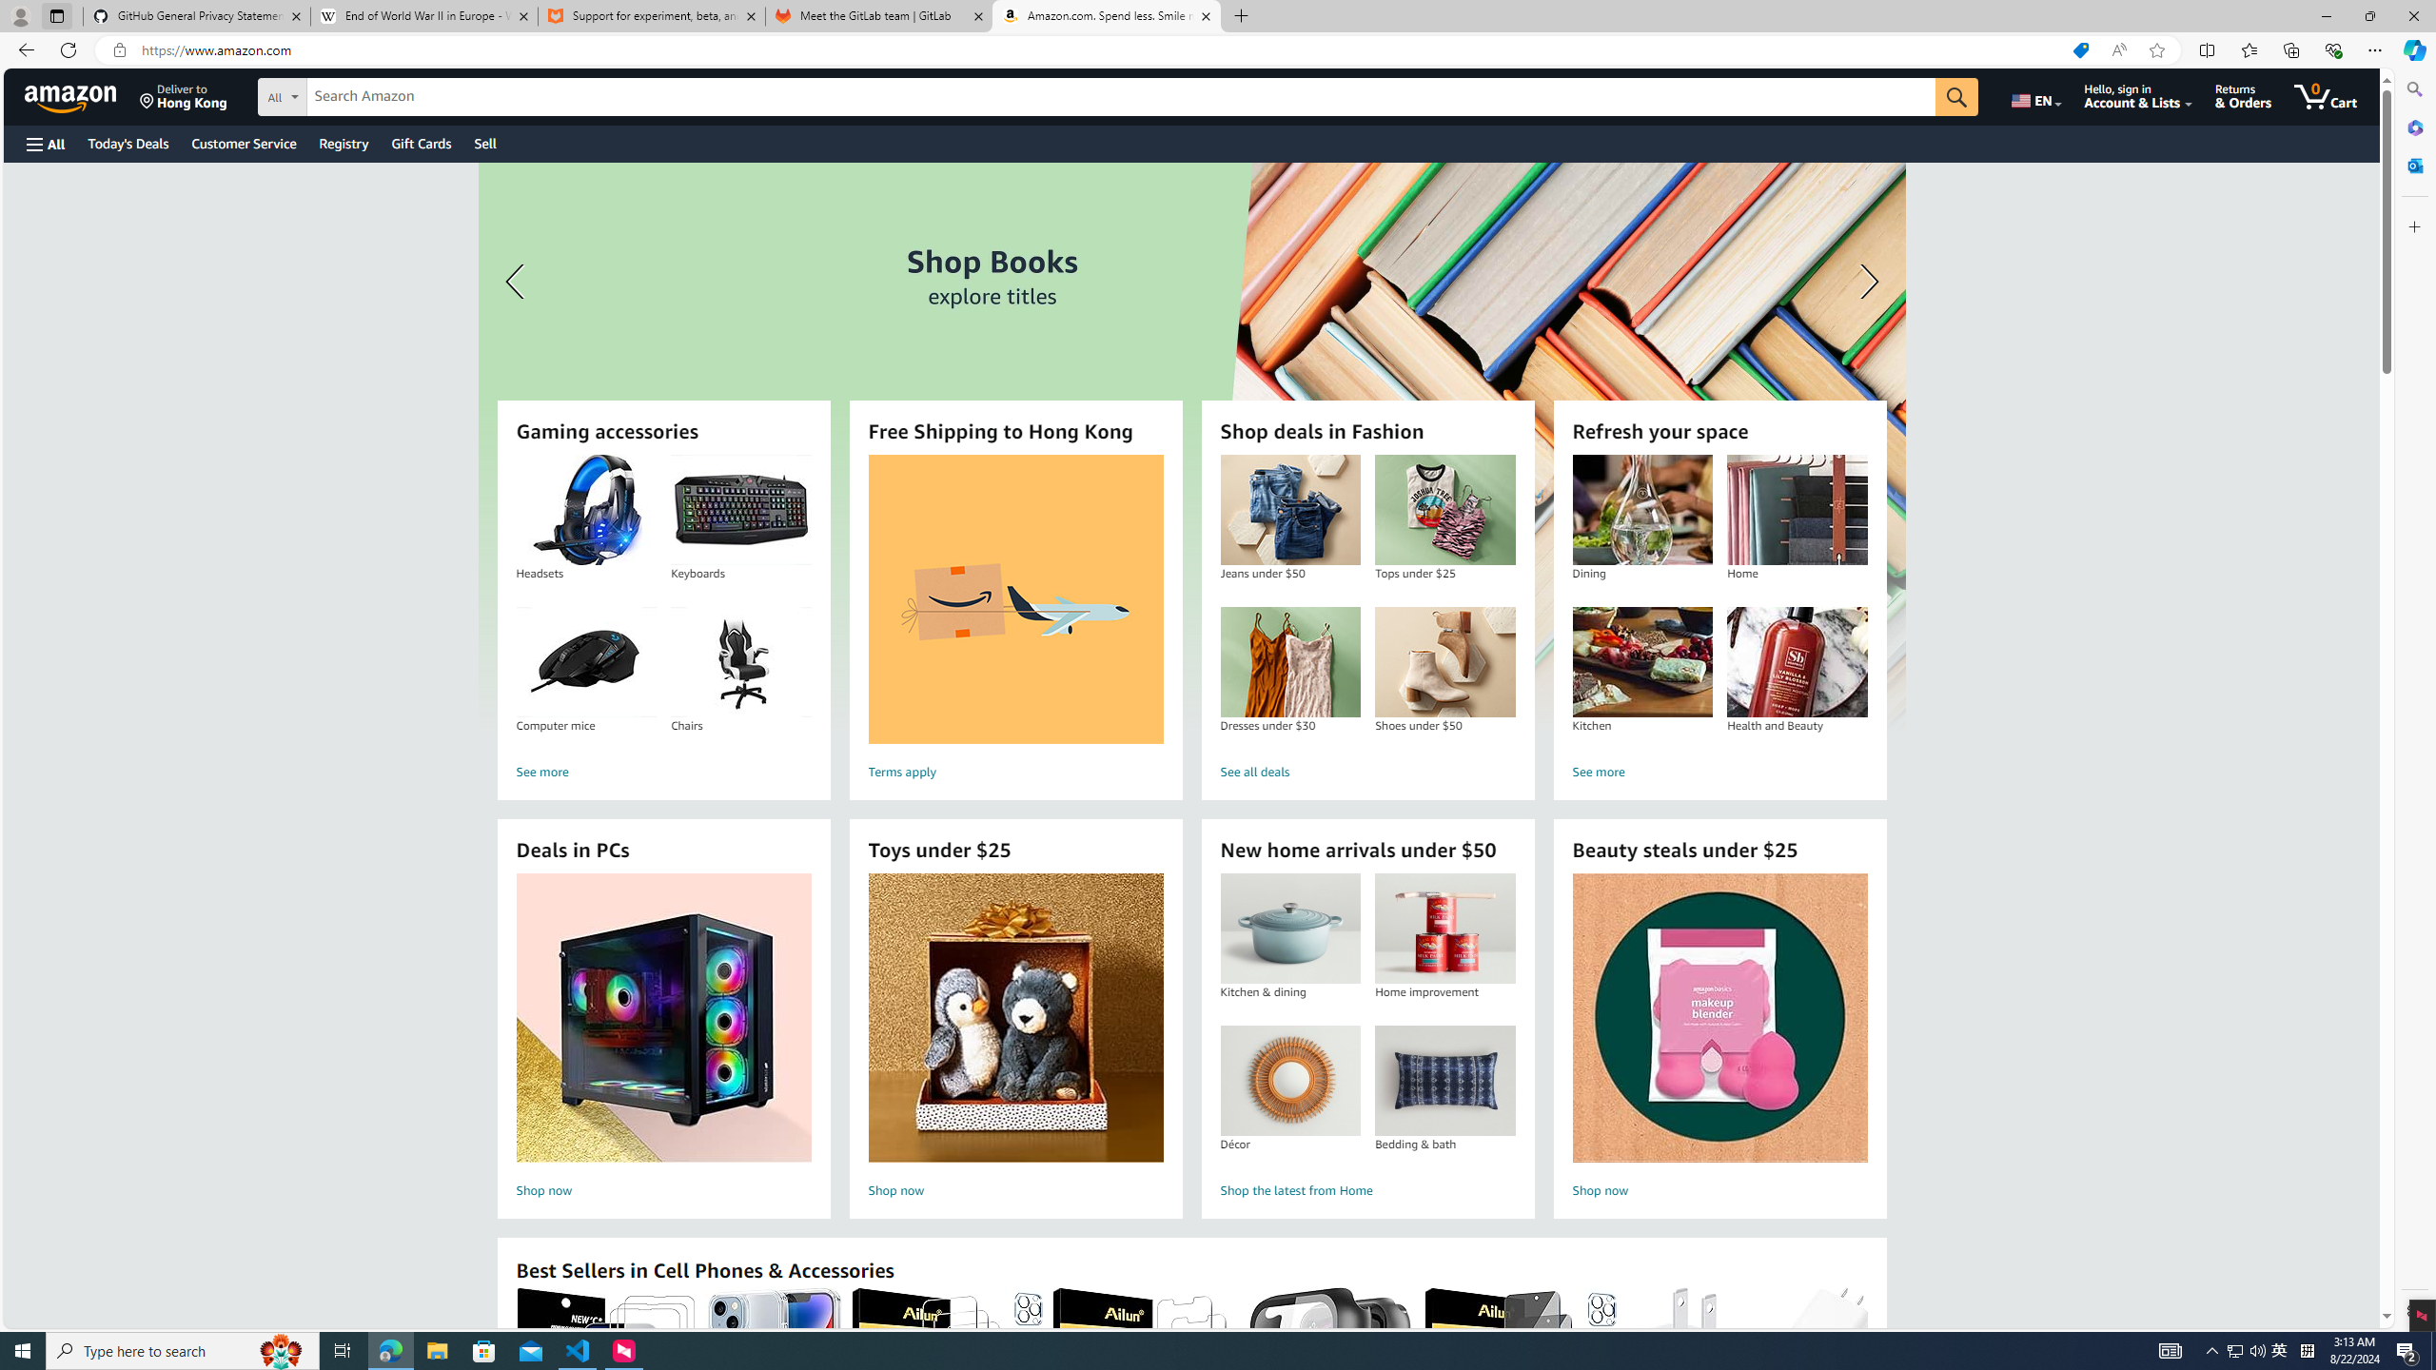 The image size is (2436, 1370). Describe the element at coordinates (1288, 510) in the screenshot. I see `'Jeans under $50'` at that location.